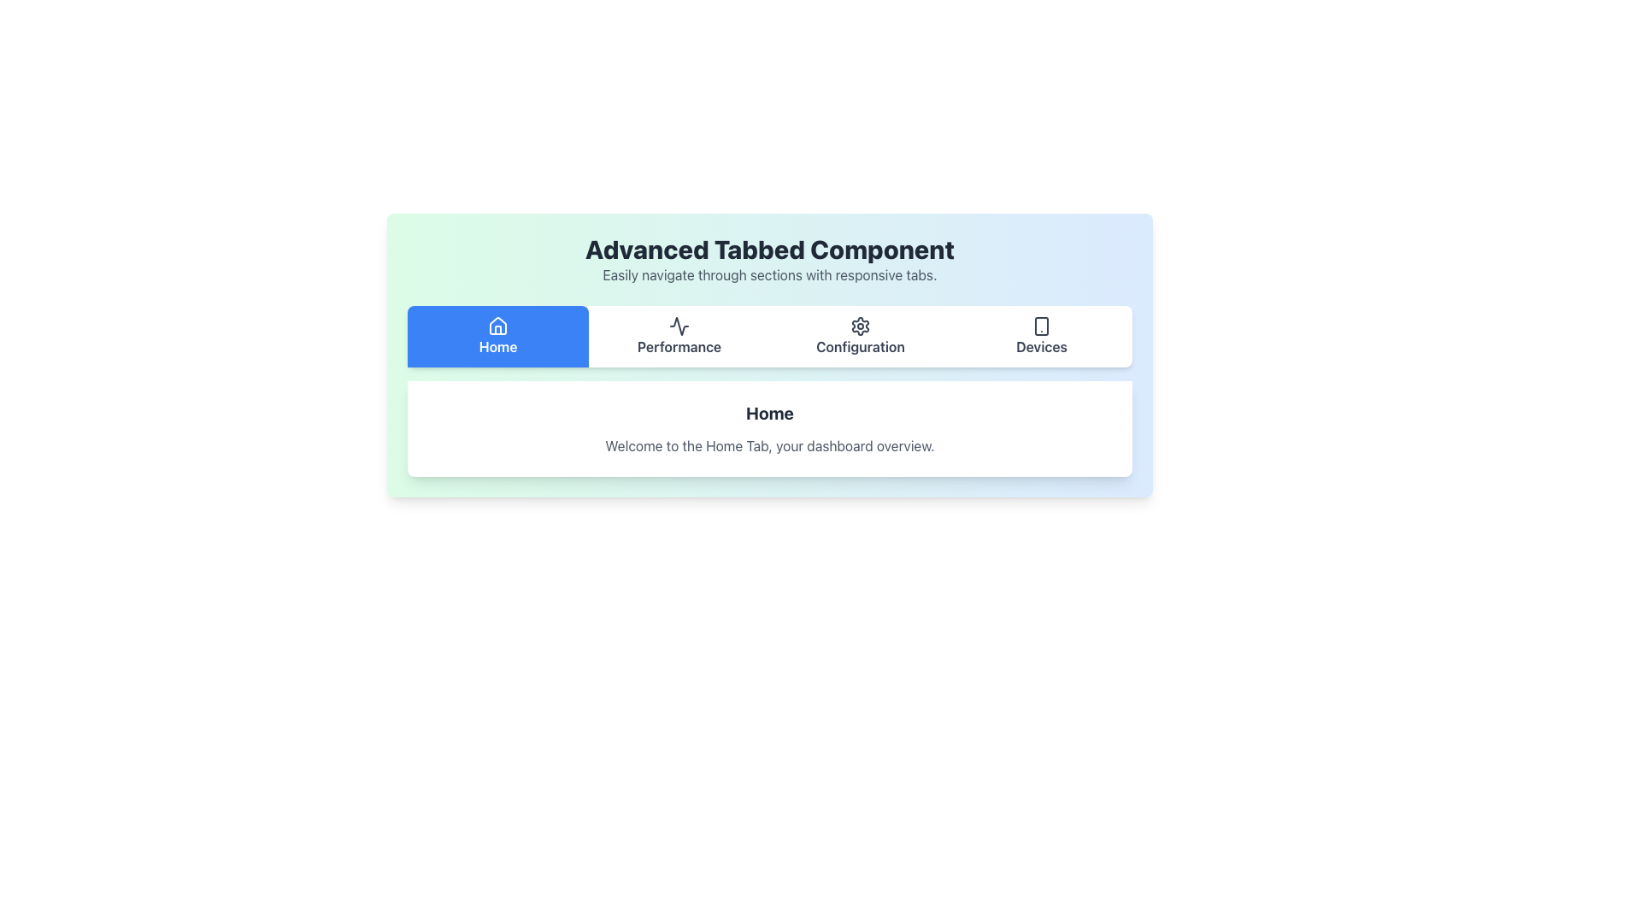 The image size is (1641, 923). What do you see at coordinates (679, 336) in the screenshot?
I see `the 'Performance' tab button, which is the second tab in the horizontal tab bar located between 'Home' and 'Configuration'` at bounding box center [679, 336].